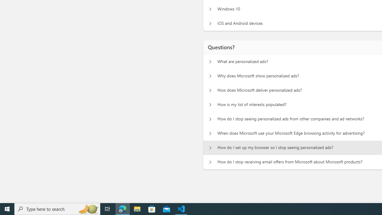  I want to click on 'Questions? How does Microsoft deliver personalized ads?', so click(210, 90).